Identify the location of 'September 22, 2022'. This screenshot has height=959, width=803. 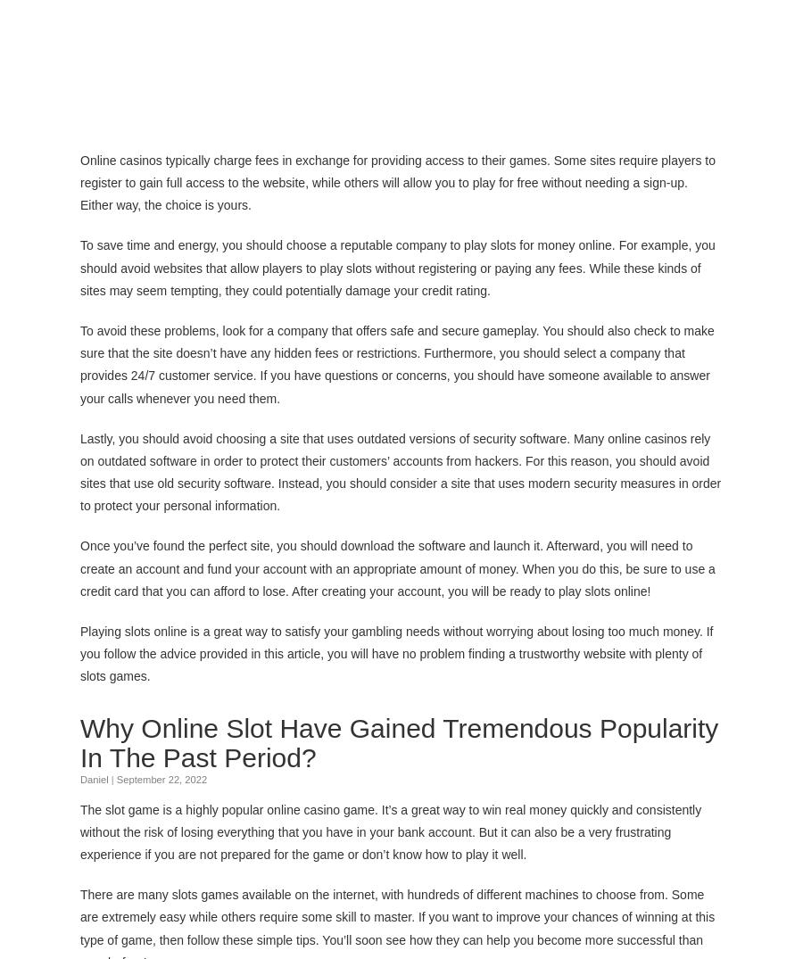
(115, 779).